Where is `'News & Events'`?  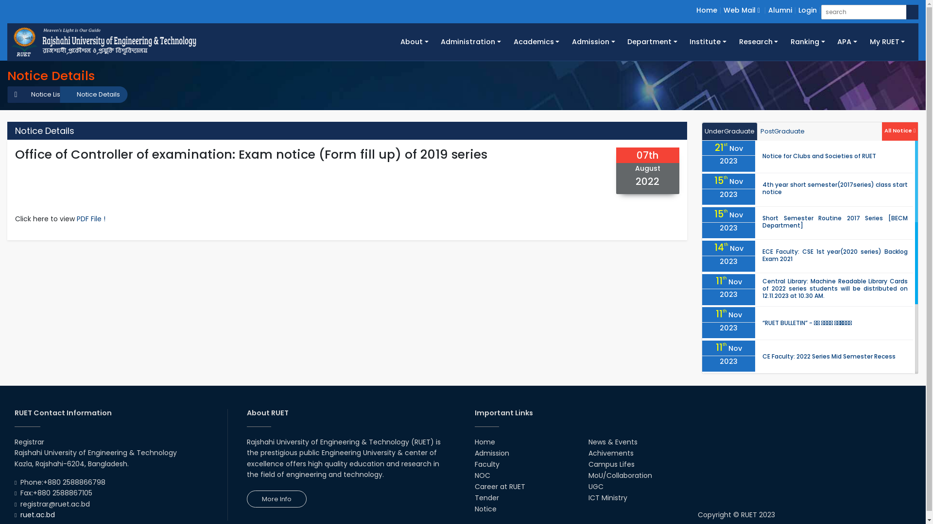 'News & Events' is located at coordinates (612, 442).